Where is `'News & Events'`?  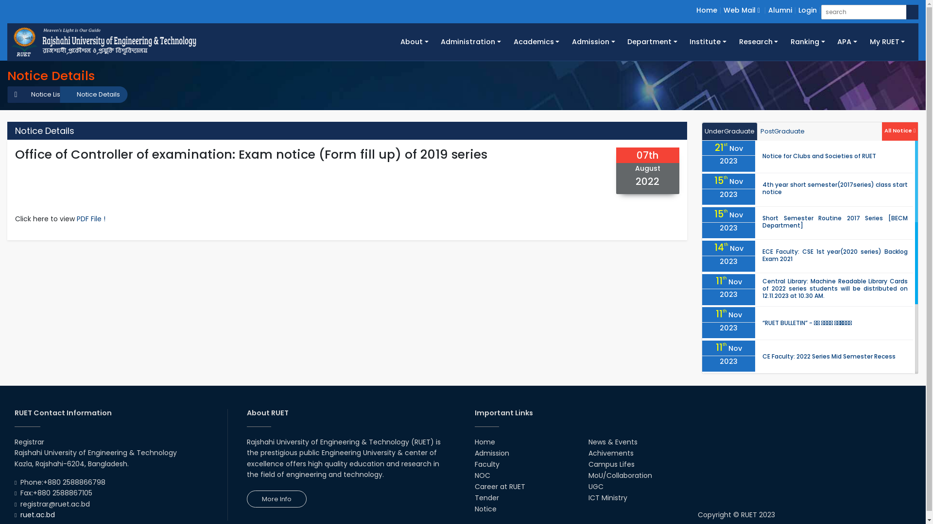 'News & Events' is located at coordinates (612, 442).